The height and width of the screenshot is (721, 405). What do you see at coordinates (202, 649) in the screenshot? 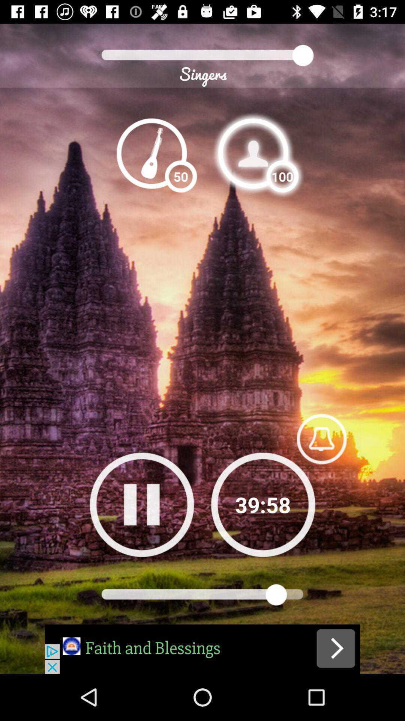
I see `advertisement` at bounding box center [202, 649].